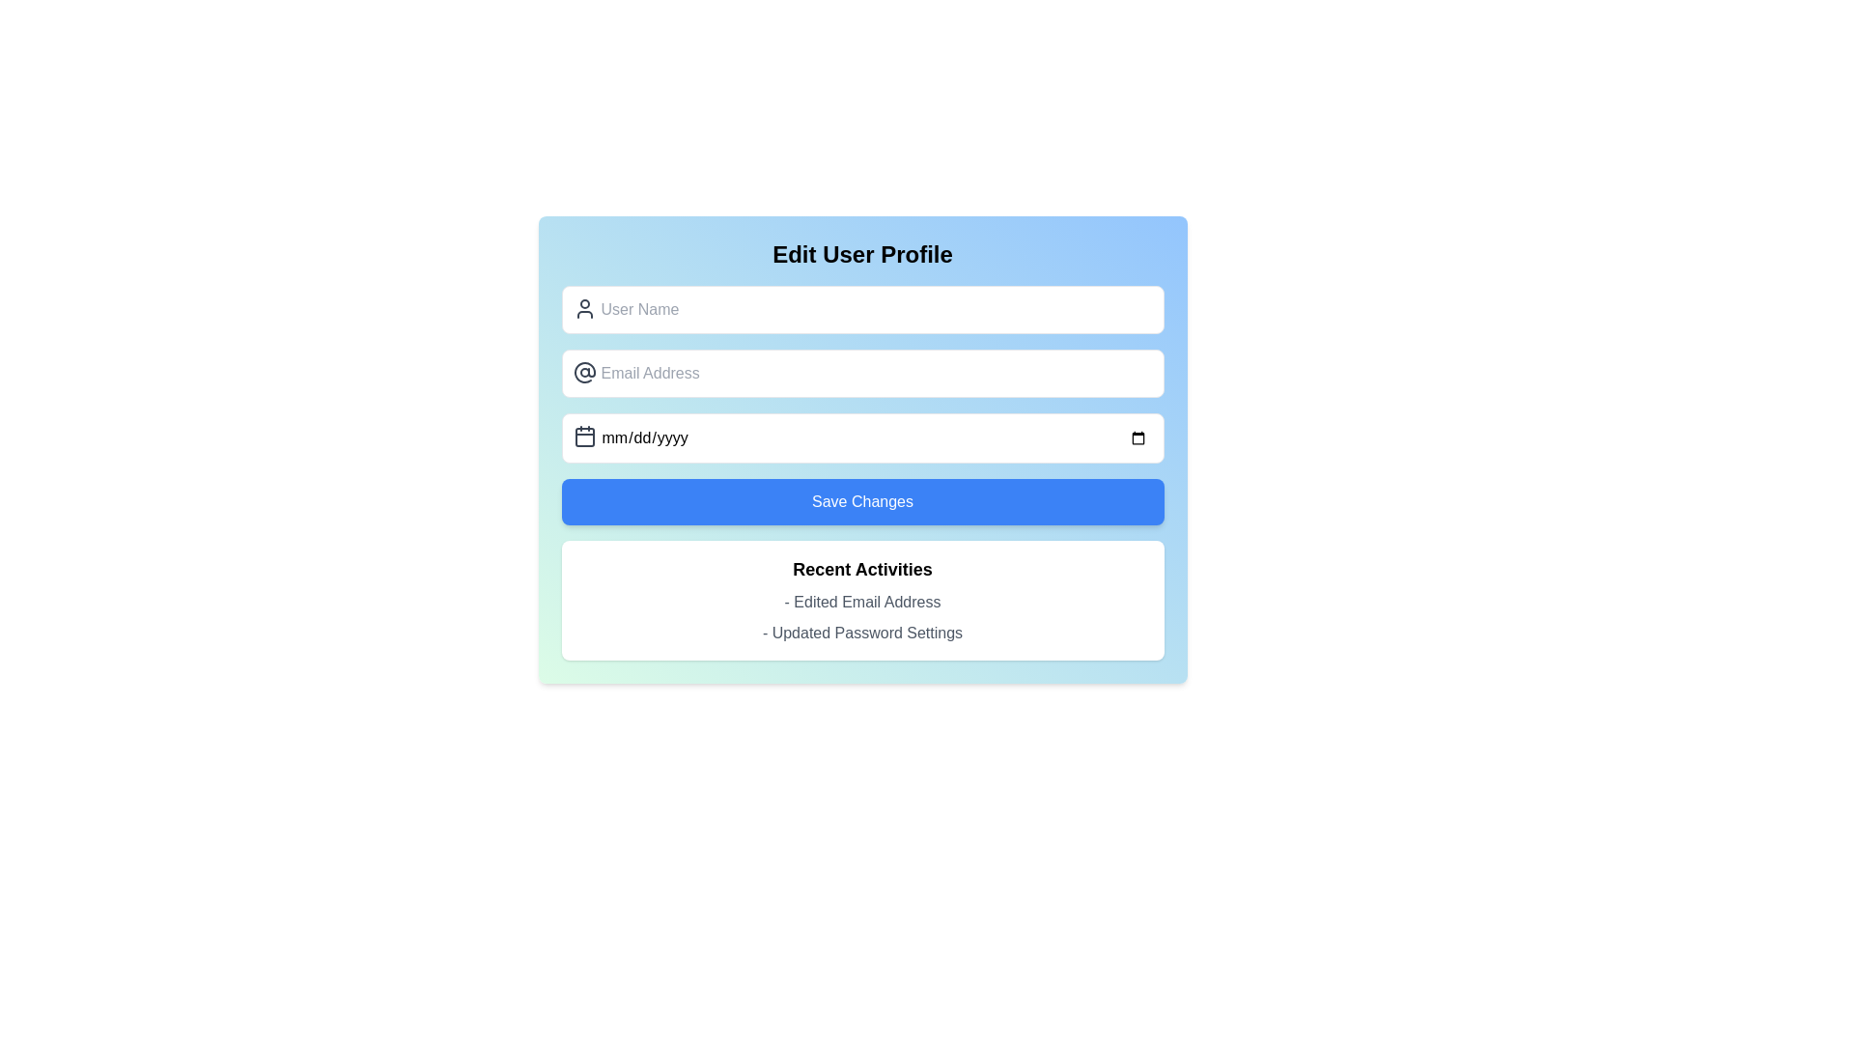 Image resolution: width=1854 pixels, height=1043 pixels. I want to click on the text label that reads '- Updated Password Settings', which is the last item in the 'Recent Activities' section, located directly below the '- Edited Email Address' item, so click(861, 633).